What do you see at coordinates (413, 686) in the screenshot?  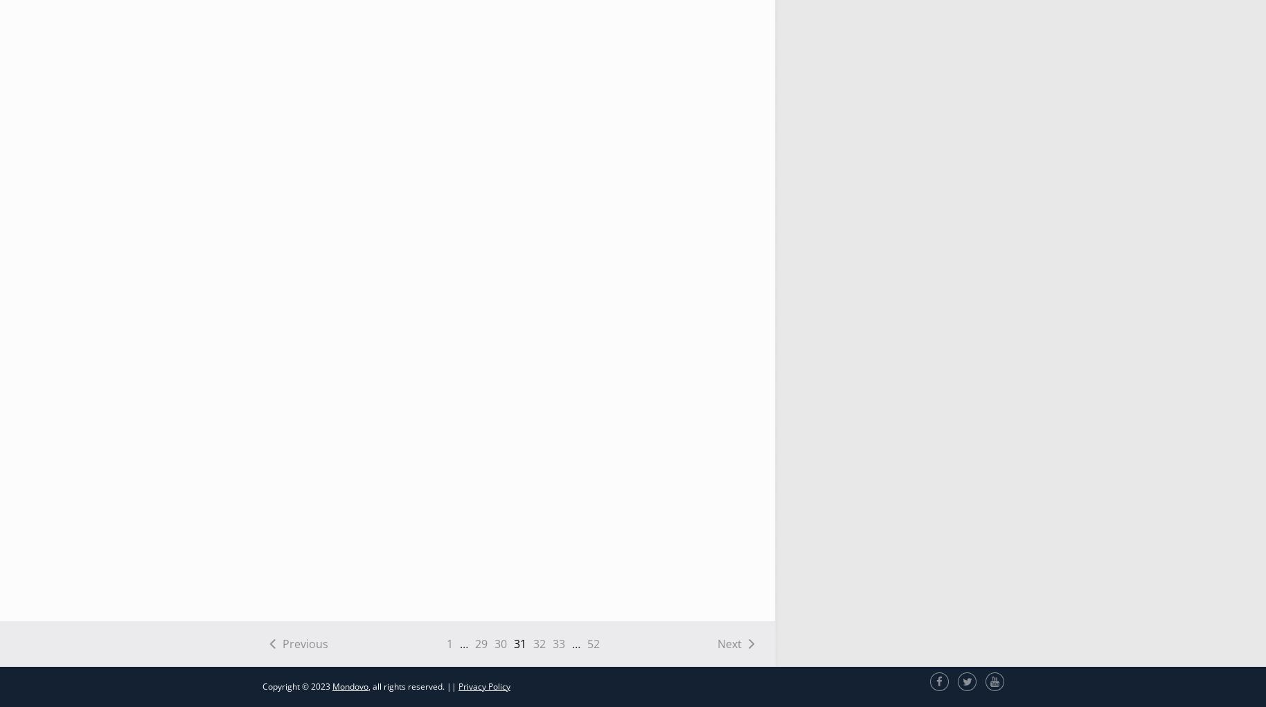 I see `', all rights reserved. ||'` at bounding box center [413, 686].